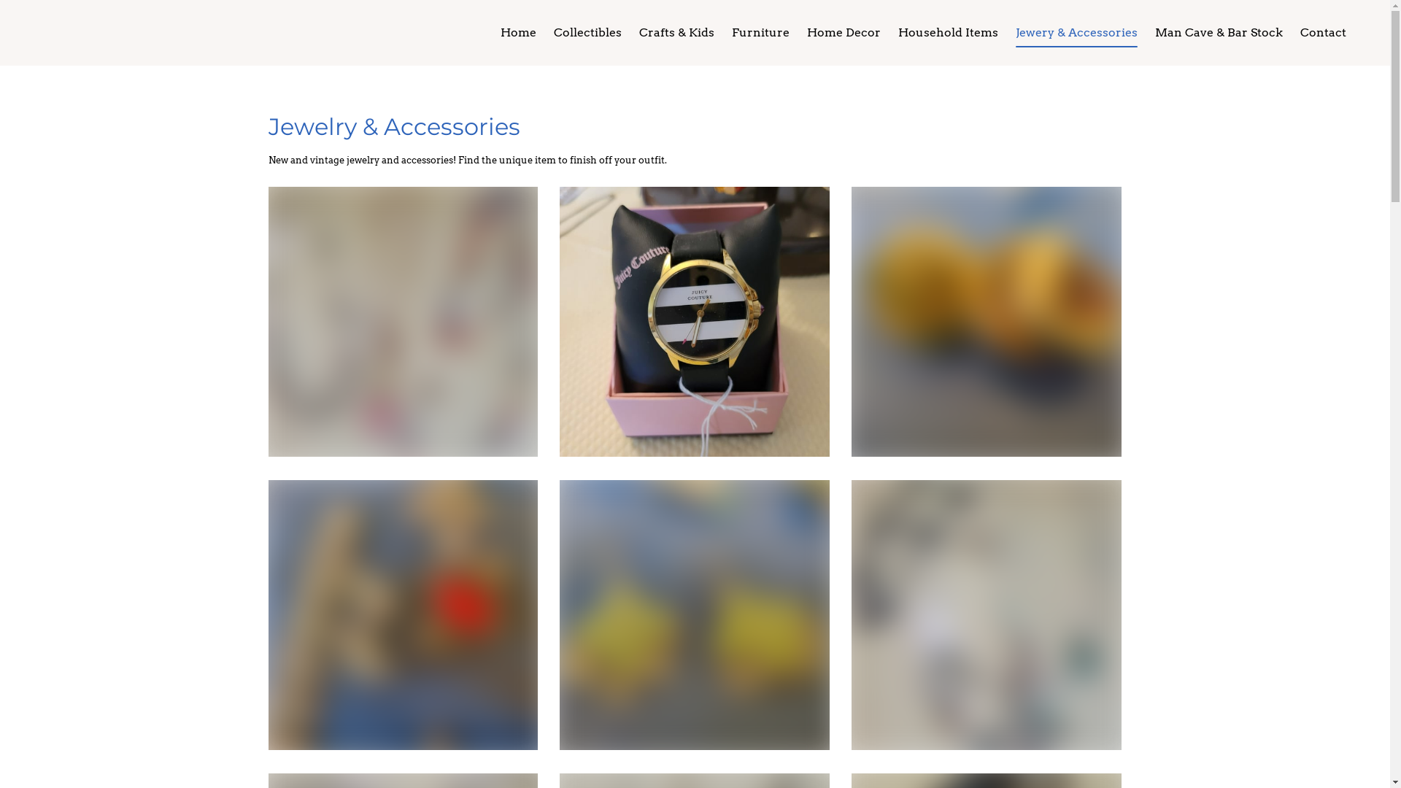 The image size is (1401, 788). What do you see at coordinates (1006, 33) in the screenshot?
I see `'Jewery & Accessories'` at bounding box center [1006, 33].